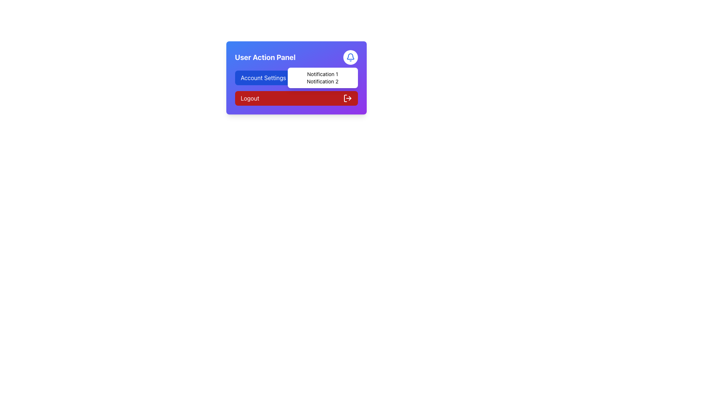 This screenshot has height=395, width=702. I want to click on the Icon Button located at the top-right corner of the 'User Action Panel', so click(350, 57).